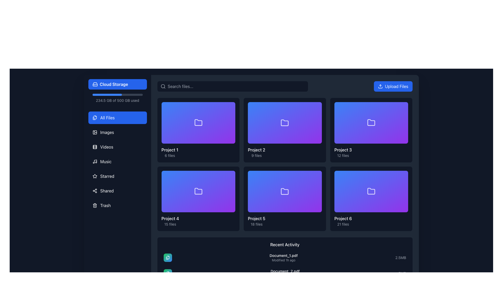 The height and width of the screenshot is (282, 502). Describe the element at coordinates (94, 176) in the screenshot. I see `the star icon in the left navigation menu` at that location.